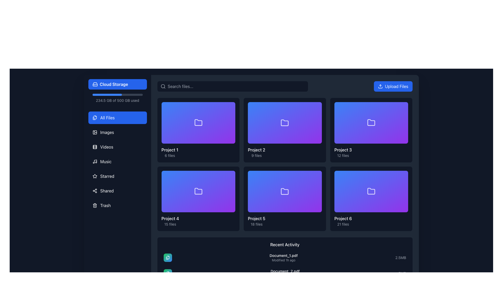 The height and width of the screenshot is (282, 502). Describe the element at coordinates (94, 176) in the screenshot. I see `the star icon in the left navigation menu` at that location.